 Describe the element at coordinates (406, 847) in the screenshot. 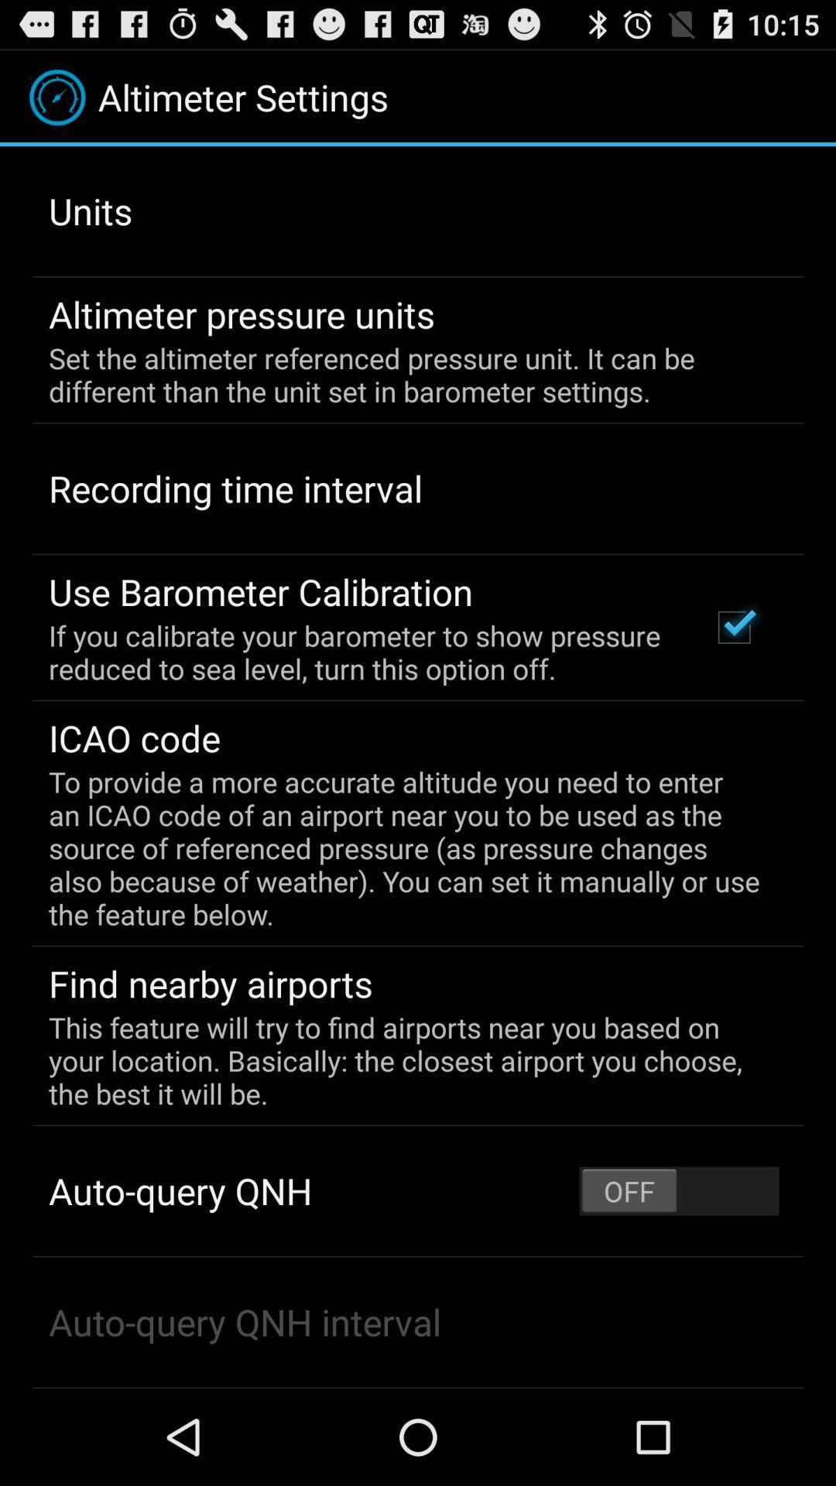

I see `the icon above the find nearby airports` at that location.